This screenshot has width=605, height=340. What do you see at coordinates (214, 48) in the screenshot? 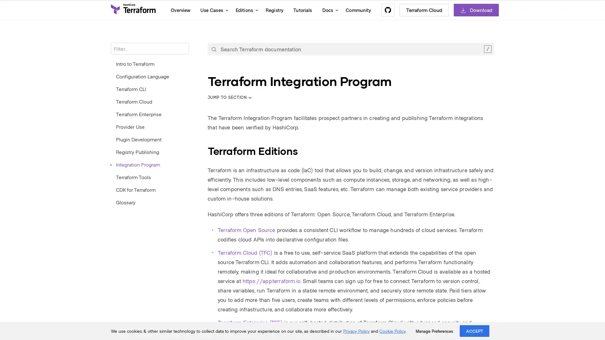
I see `Submit your search query.` at bounding box center [214, 48].